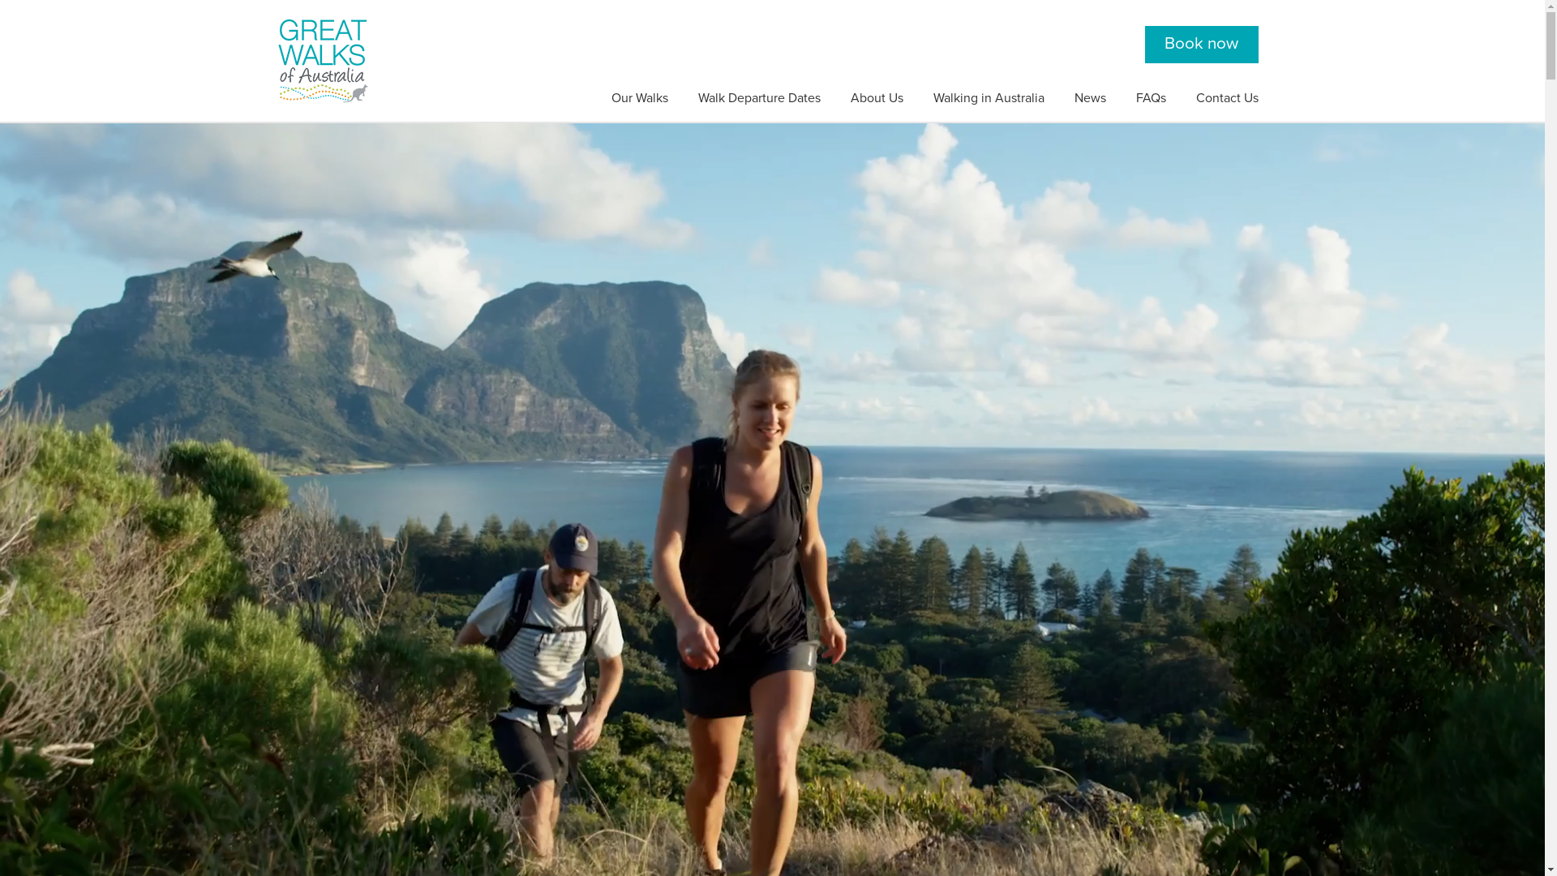 The height and width of the screenshot is (876, 1557). Describe the element at coordinates (987, 99) in the screenshot. I see `'Walking in Australia'` at that location.